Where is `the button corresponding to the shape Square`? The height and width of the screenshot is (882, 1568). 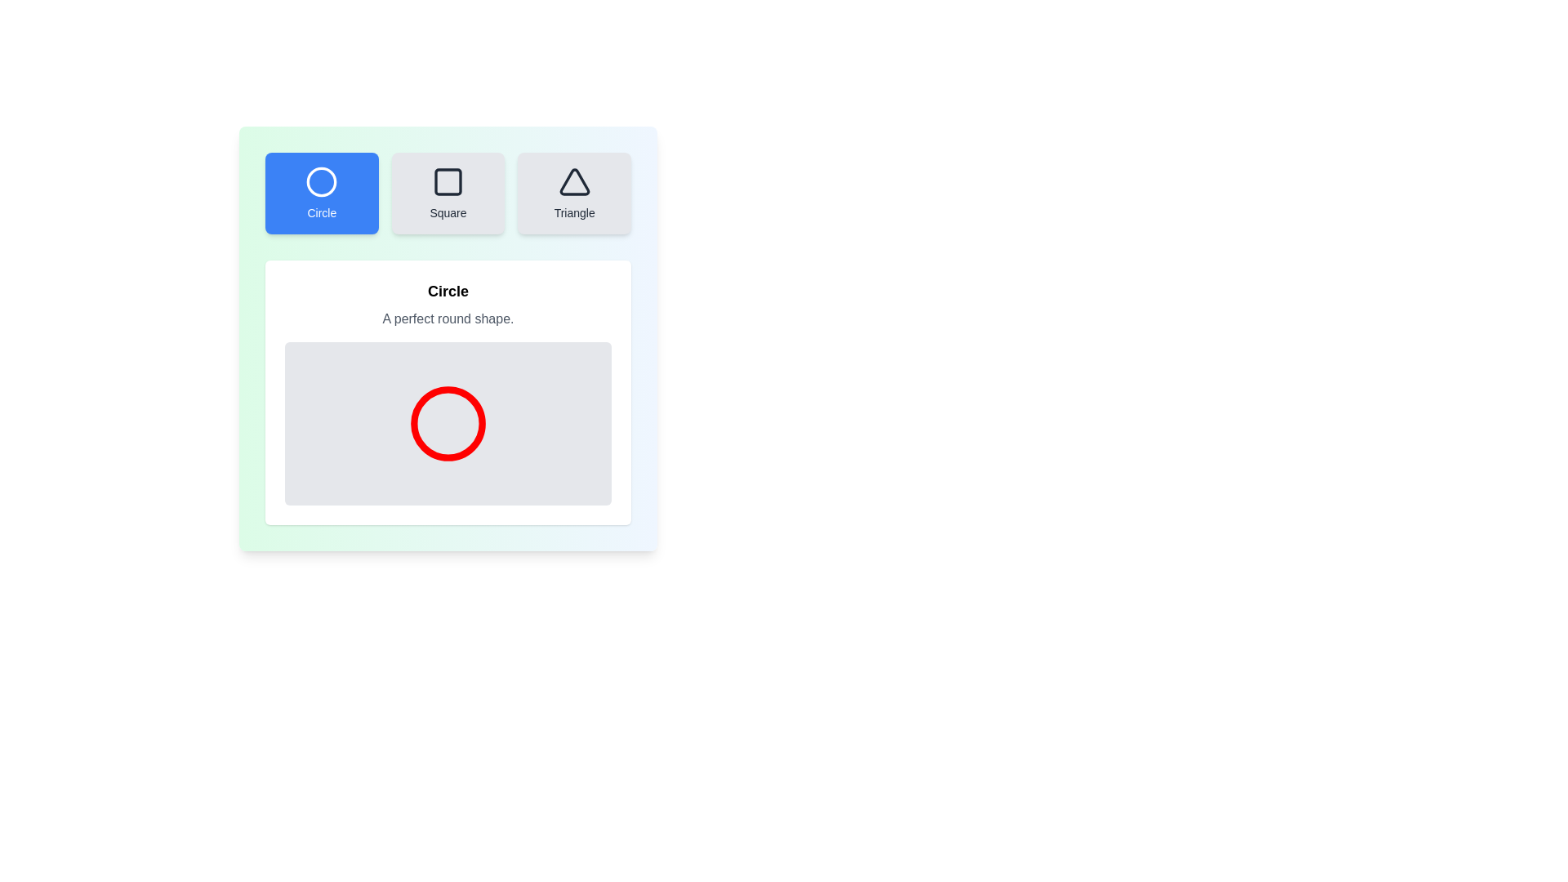 the button corresponding to the shape Square is located at coordinates (447, 192).